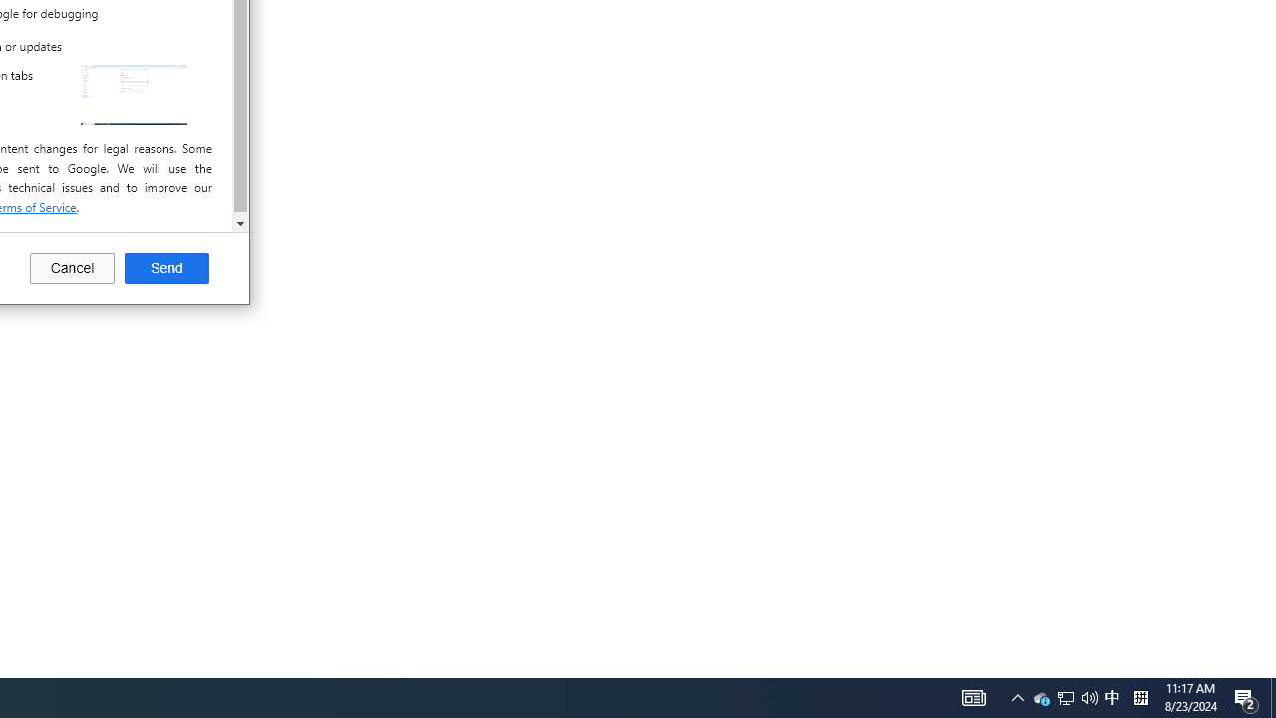 This screenshot has width=1276, height=718. What do you see at coordinates (1111, 696) in the screenshot?
I see `'Tray Input Indicator - Chinese (Simplified, China)'` at bounding box center [1111, 696].